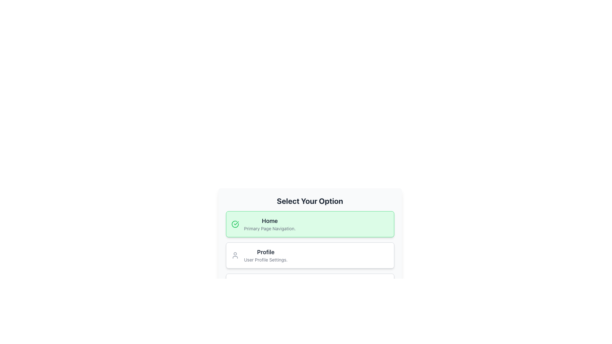 The width and height of the screenshot is (612, 344). I want to click on the circular green checkmark icon located at the top-left corner of the 'Home - Primary Page Navigation' section, so click(235, 224).